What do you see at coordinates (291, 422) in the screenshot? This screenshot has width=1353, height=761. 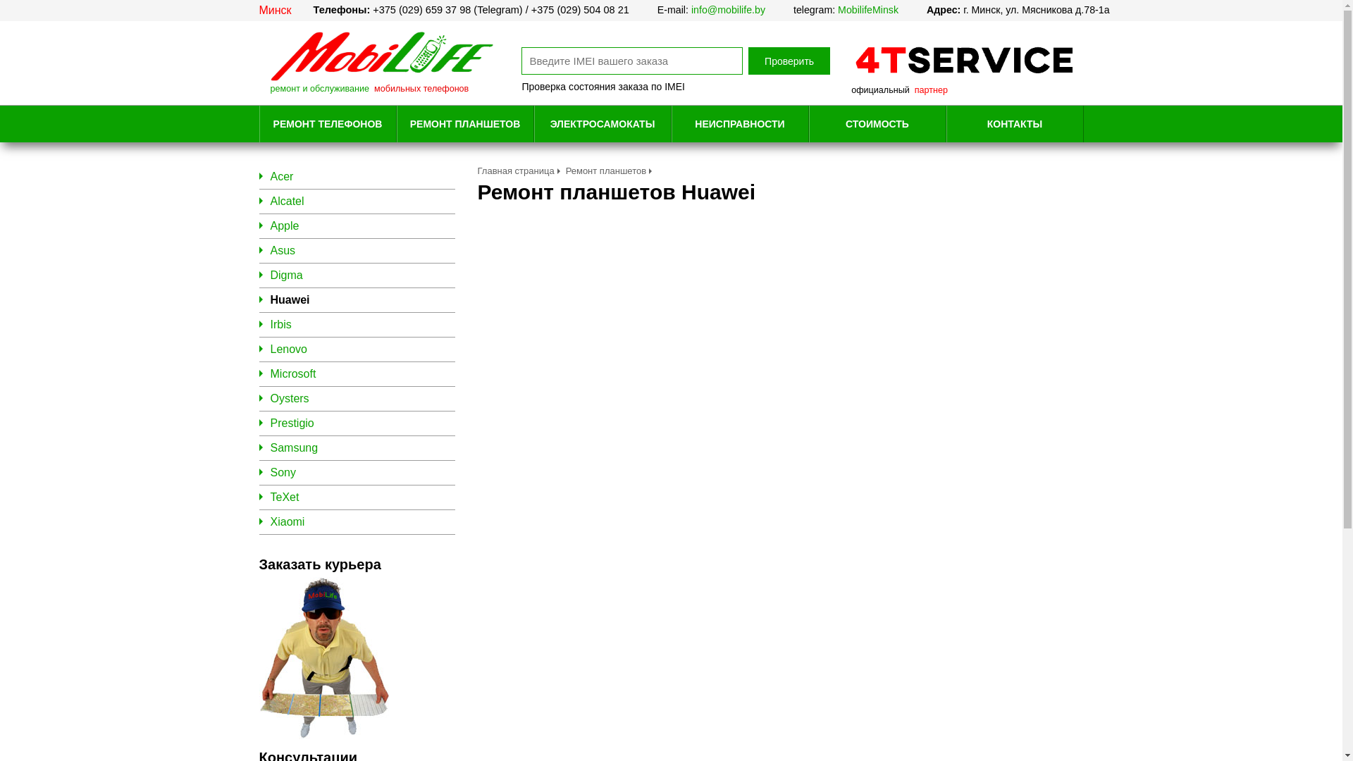 I see `'Prestigio'` at bounding box center [291, 422].